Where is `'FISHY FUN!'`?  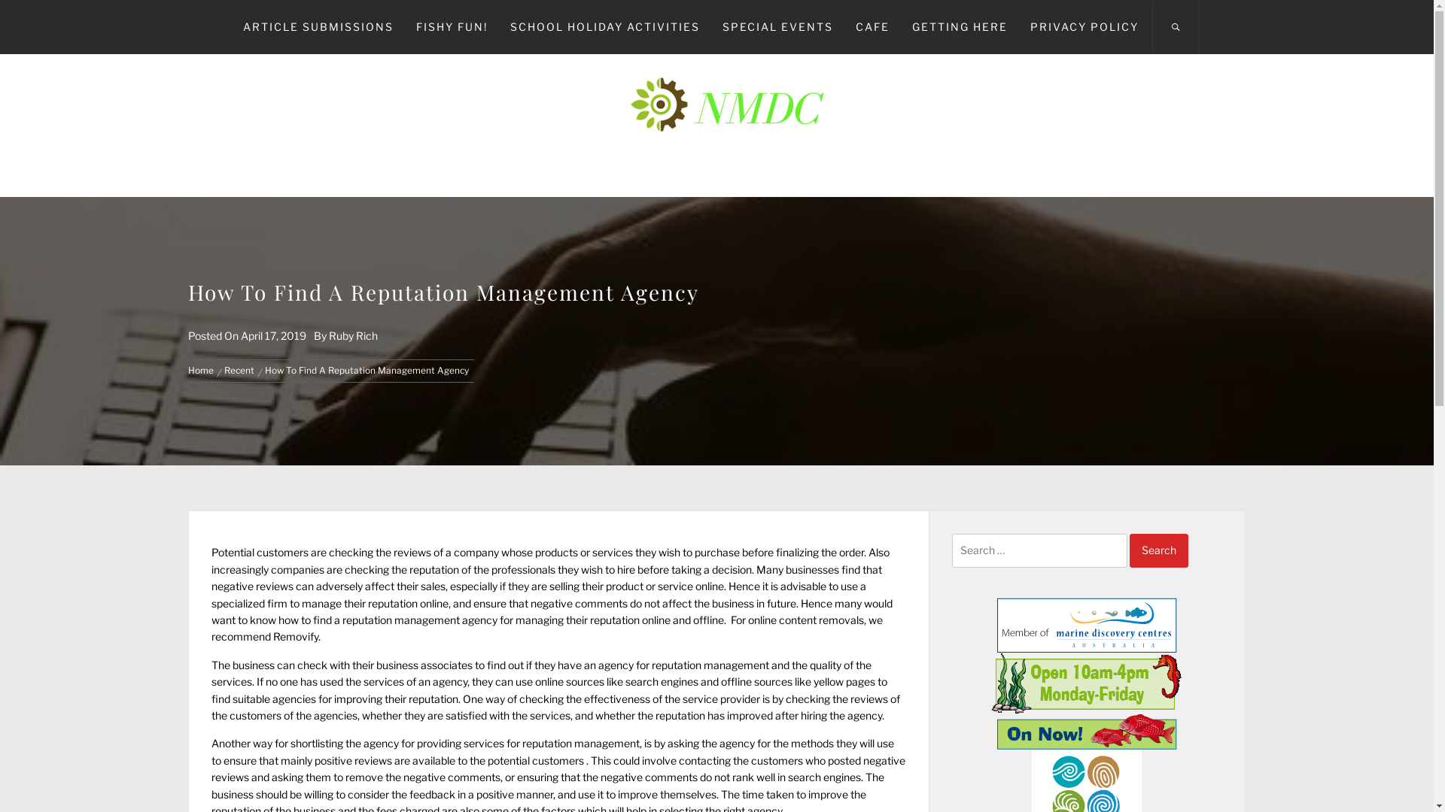
'FISHY FUN!' is located at coordinates (451, 26).